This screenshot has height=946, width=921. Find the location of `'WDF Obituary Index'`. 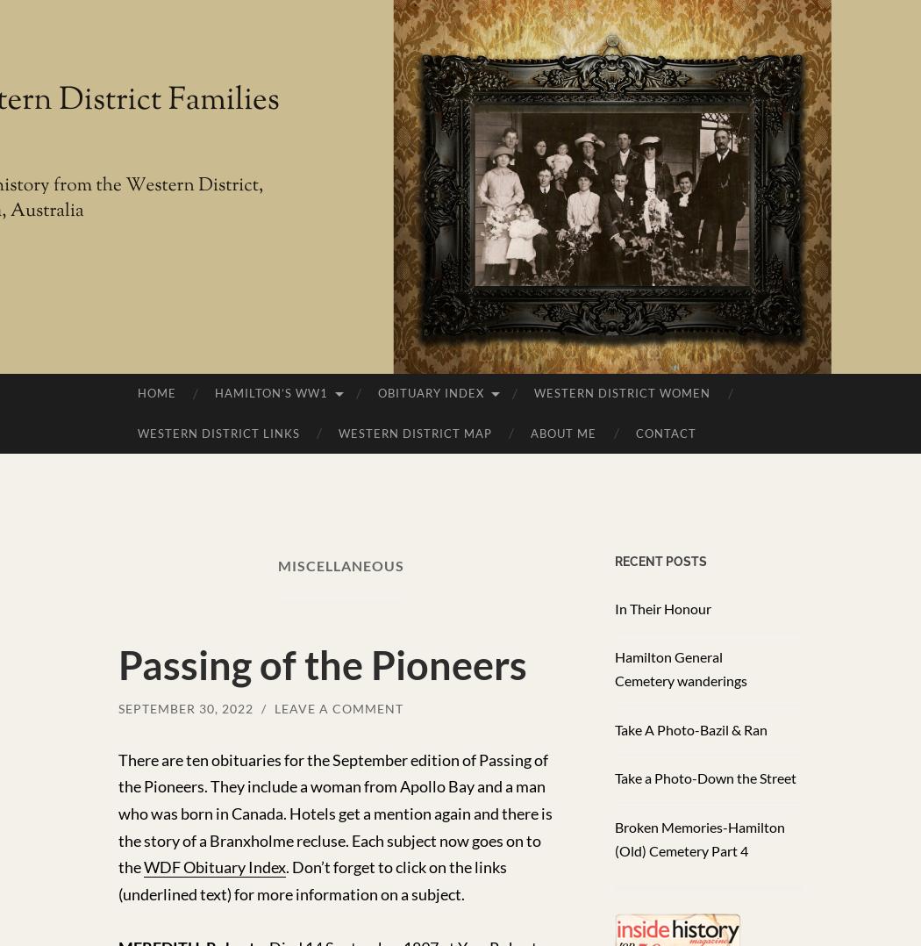

'WDF Obituary Index' is located at coordinates (214, 866).